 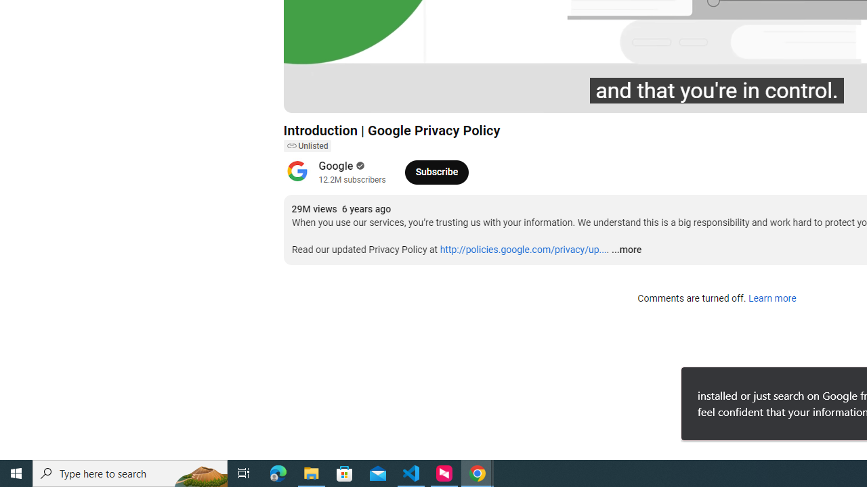 What do you see at coordinates (371, 95) in the screenshot?
I see `'Mute (m)'` at bounding box center [371, 95].